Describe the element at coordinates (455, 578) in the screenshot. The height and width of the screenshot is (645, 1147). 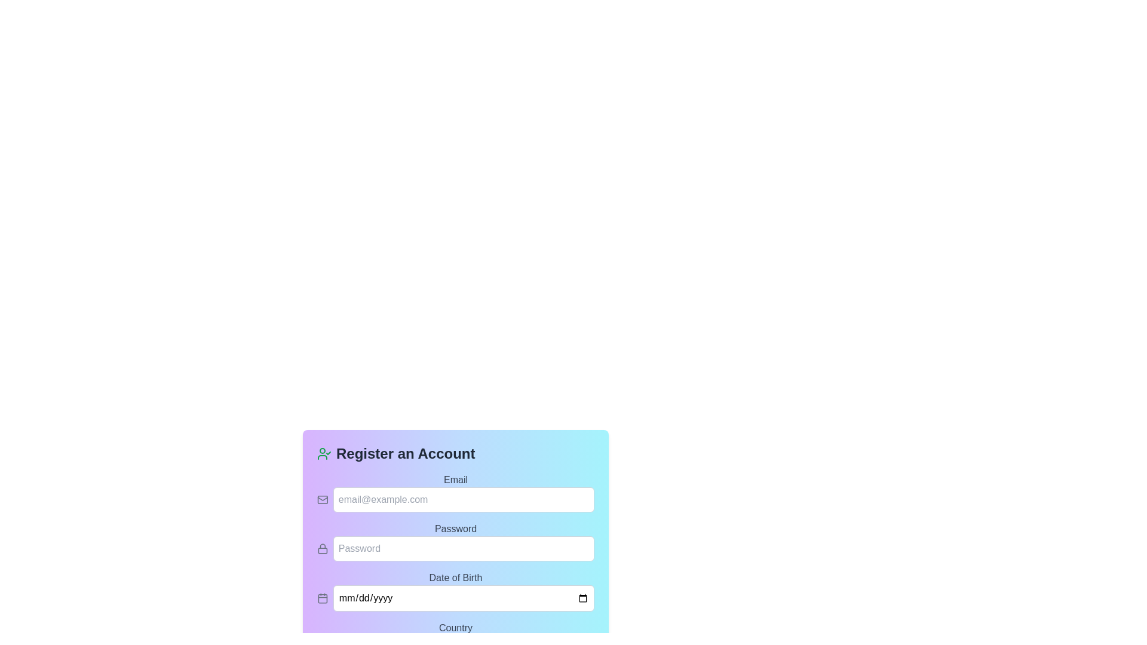
I see `the 'Date of Birth' static text label, which is styled with a gray color and positioned above the date input field on the registration form` at that location.